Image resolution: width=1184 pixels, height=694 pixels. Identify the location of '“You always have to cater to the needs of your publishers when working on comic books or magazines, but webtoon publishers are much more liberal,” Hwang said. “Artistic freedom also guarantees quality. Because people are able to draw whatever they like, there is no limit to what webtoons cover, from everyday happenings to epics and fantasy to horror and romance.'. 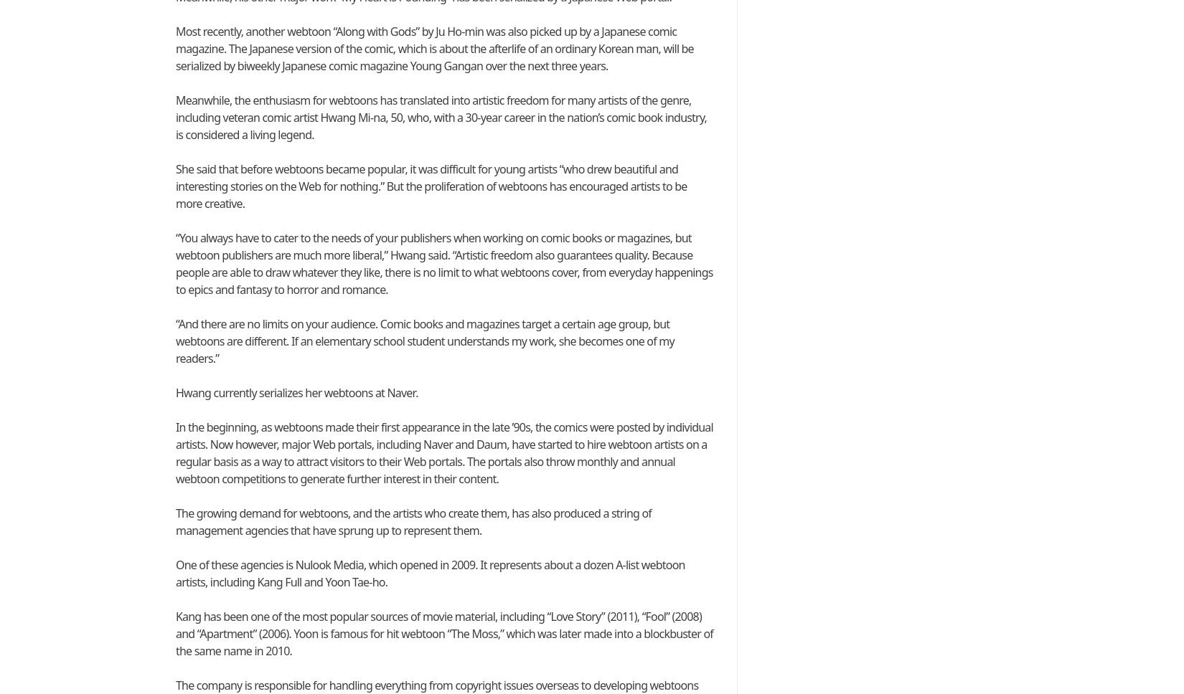
(443, 263).